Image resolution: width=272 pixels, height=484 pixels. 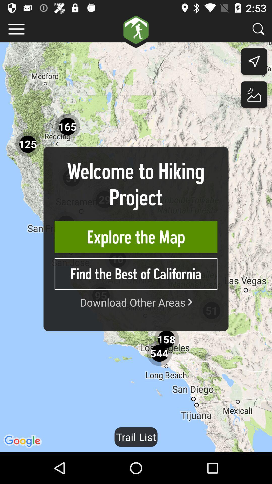 What do you see at coordinates (16, 29) in the screenshot?
I see `menu slider option` at bounding box center [16, 29].